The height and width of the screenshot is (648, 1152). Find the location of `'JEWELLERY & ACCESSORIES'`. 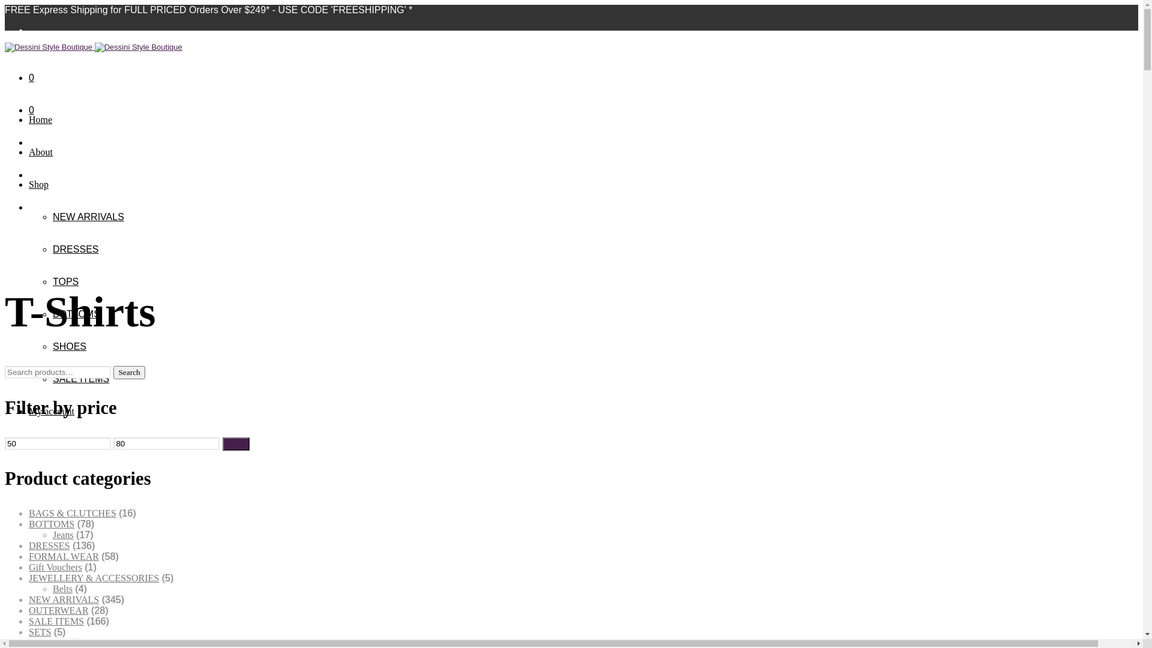

'JEWELLERY & ACCESSORIES' is located at coordinates (93, 577).